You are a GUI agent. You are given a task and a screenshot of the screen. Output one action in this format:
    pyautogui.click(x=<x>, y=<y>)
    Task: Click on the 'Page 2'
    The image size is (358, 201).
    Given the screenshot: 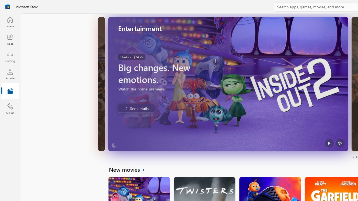 What is the action you would take?
    pyautogui.click(x=356, y=157)
    